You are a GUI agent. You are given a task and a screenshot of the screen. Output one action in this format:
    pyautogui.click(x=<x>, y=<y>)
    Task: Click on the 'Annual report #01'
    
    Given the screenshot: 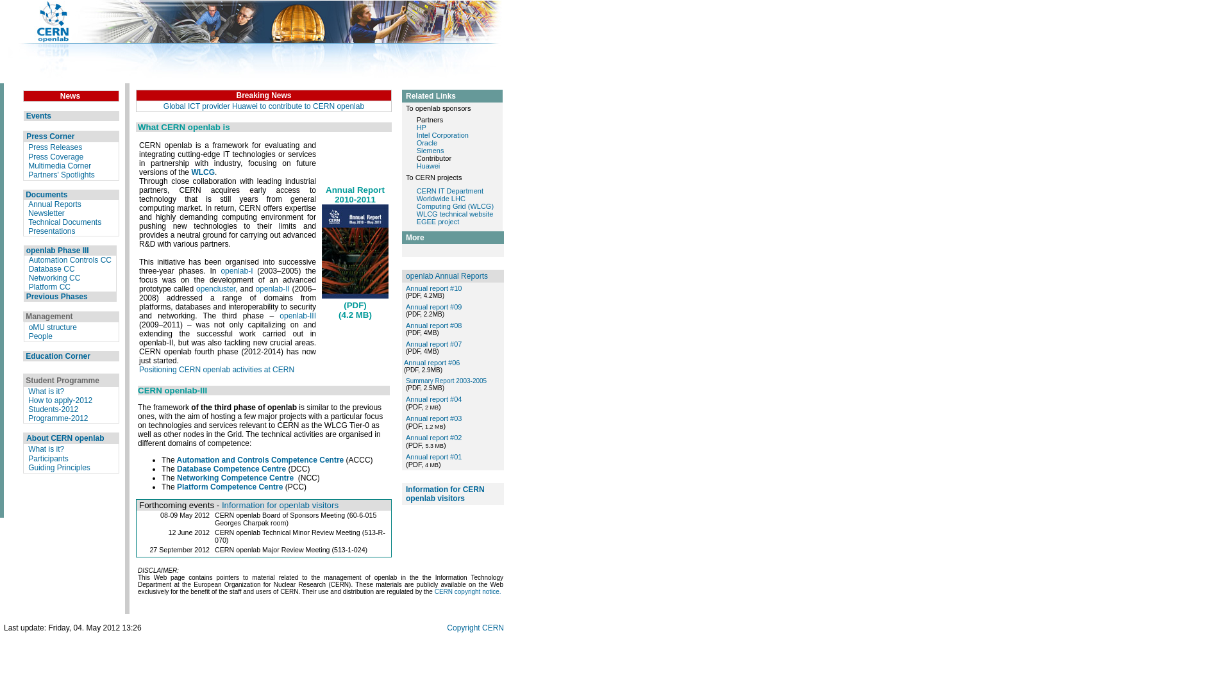 What is the action you would take?
    pyautogui.click(x=433, y=456)
    